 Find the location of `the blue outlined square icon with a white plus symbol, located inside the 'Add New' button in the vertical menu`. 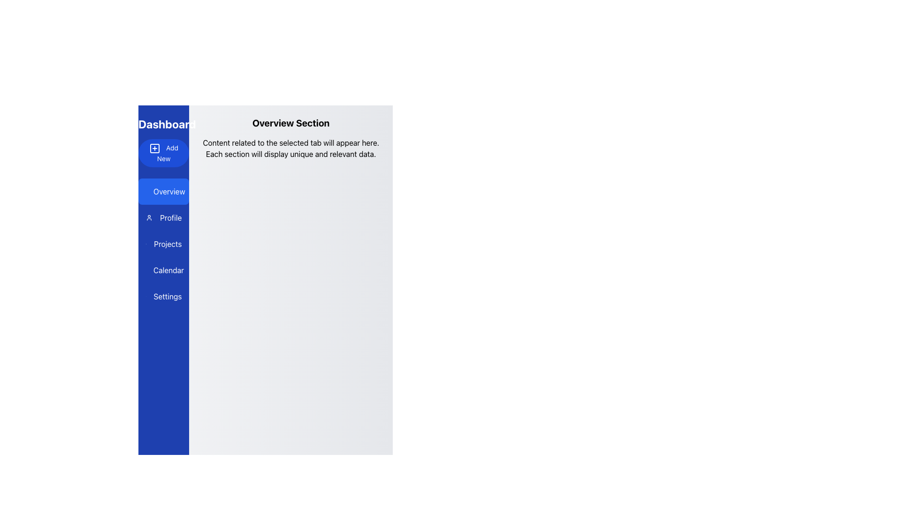

the blue outlined square icon with a white plus symbol, located inside the 'Add New' button in the vertical menu is located at coordinates (155, 148).